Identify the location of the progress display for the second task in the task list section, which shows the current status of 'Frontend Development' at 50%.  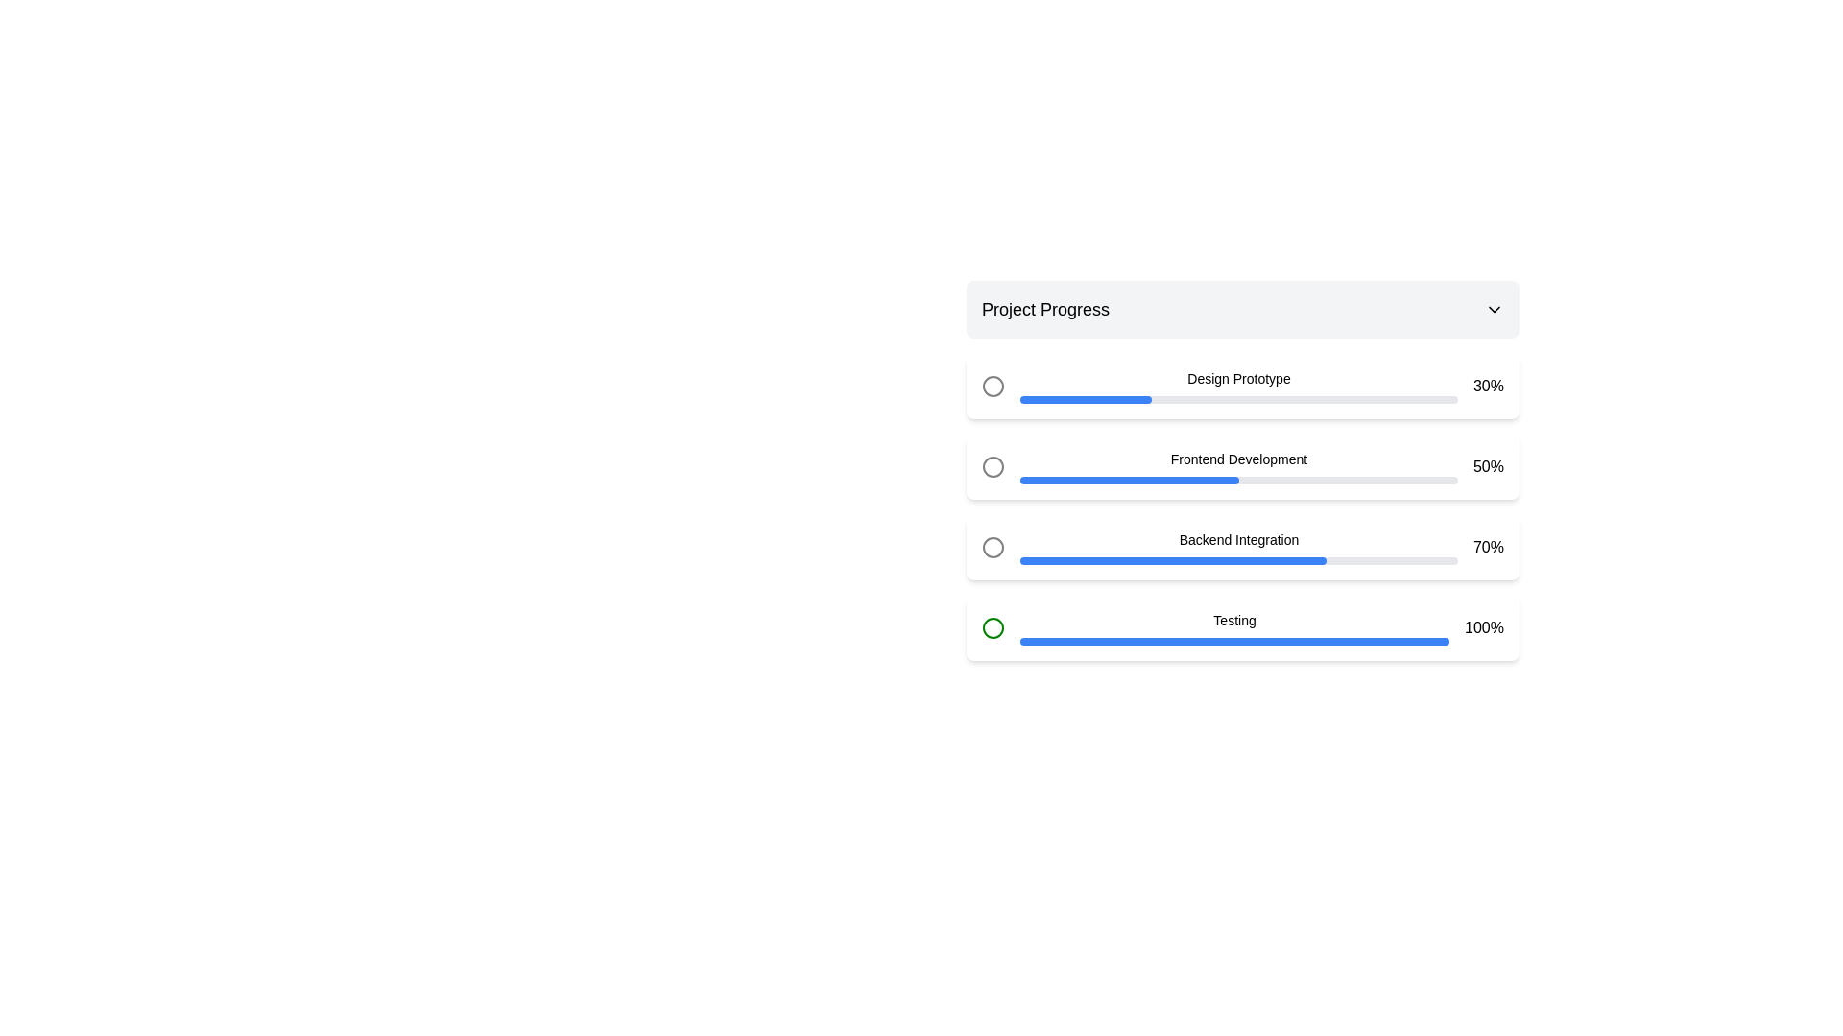
(1243, 470).